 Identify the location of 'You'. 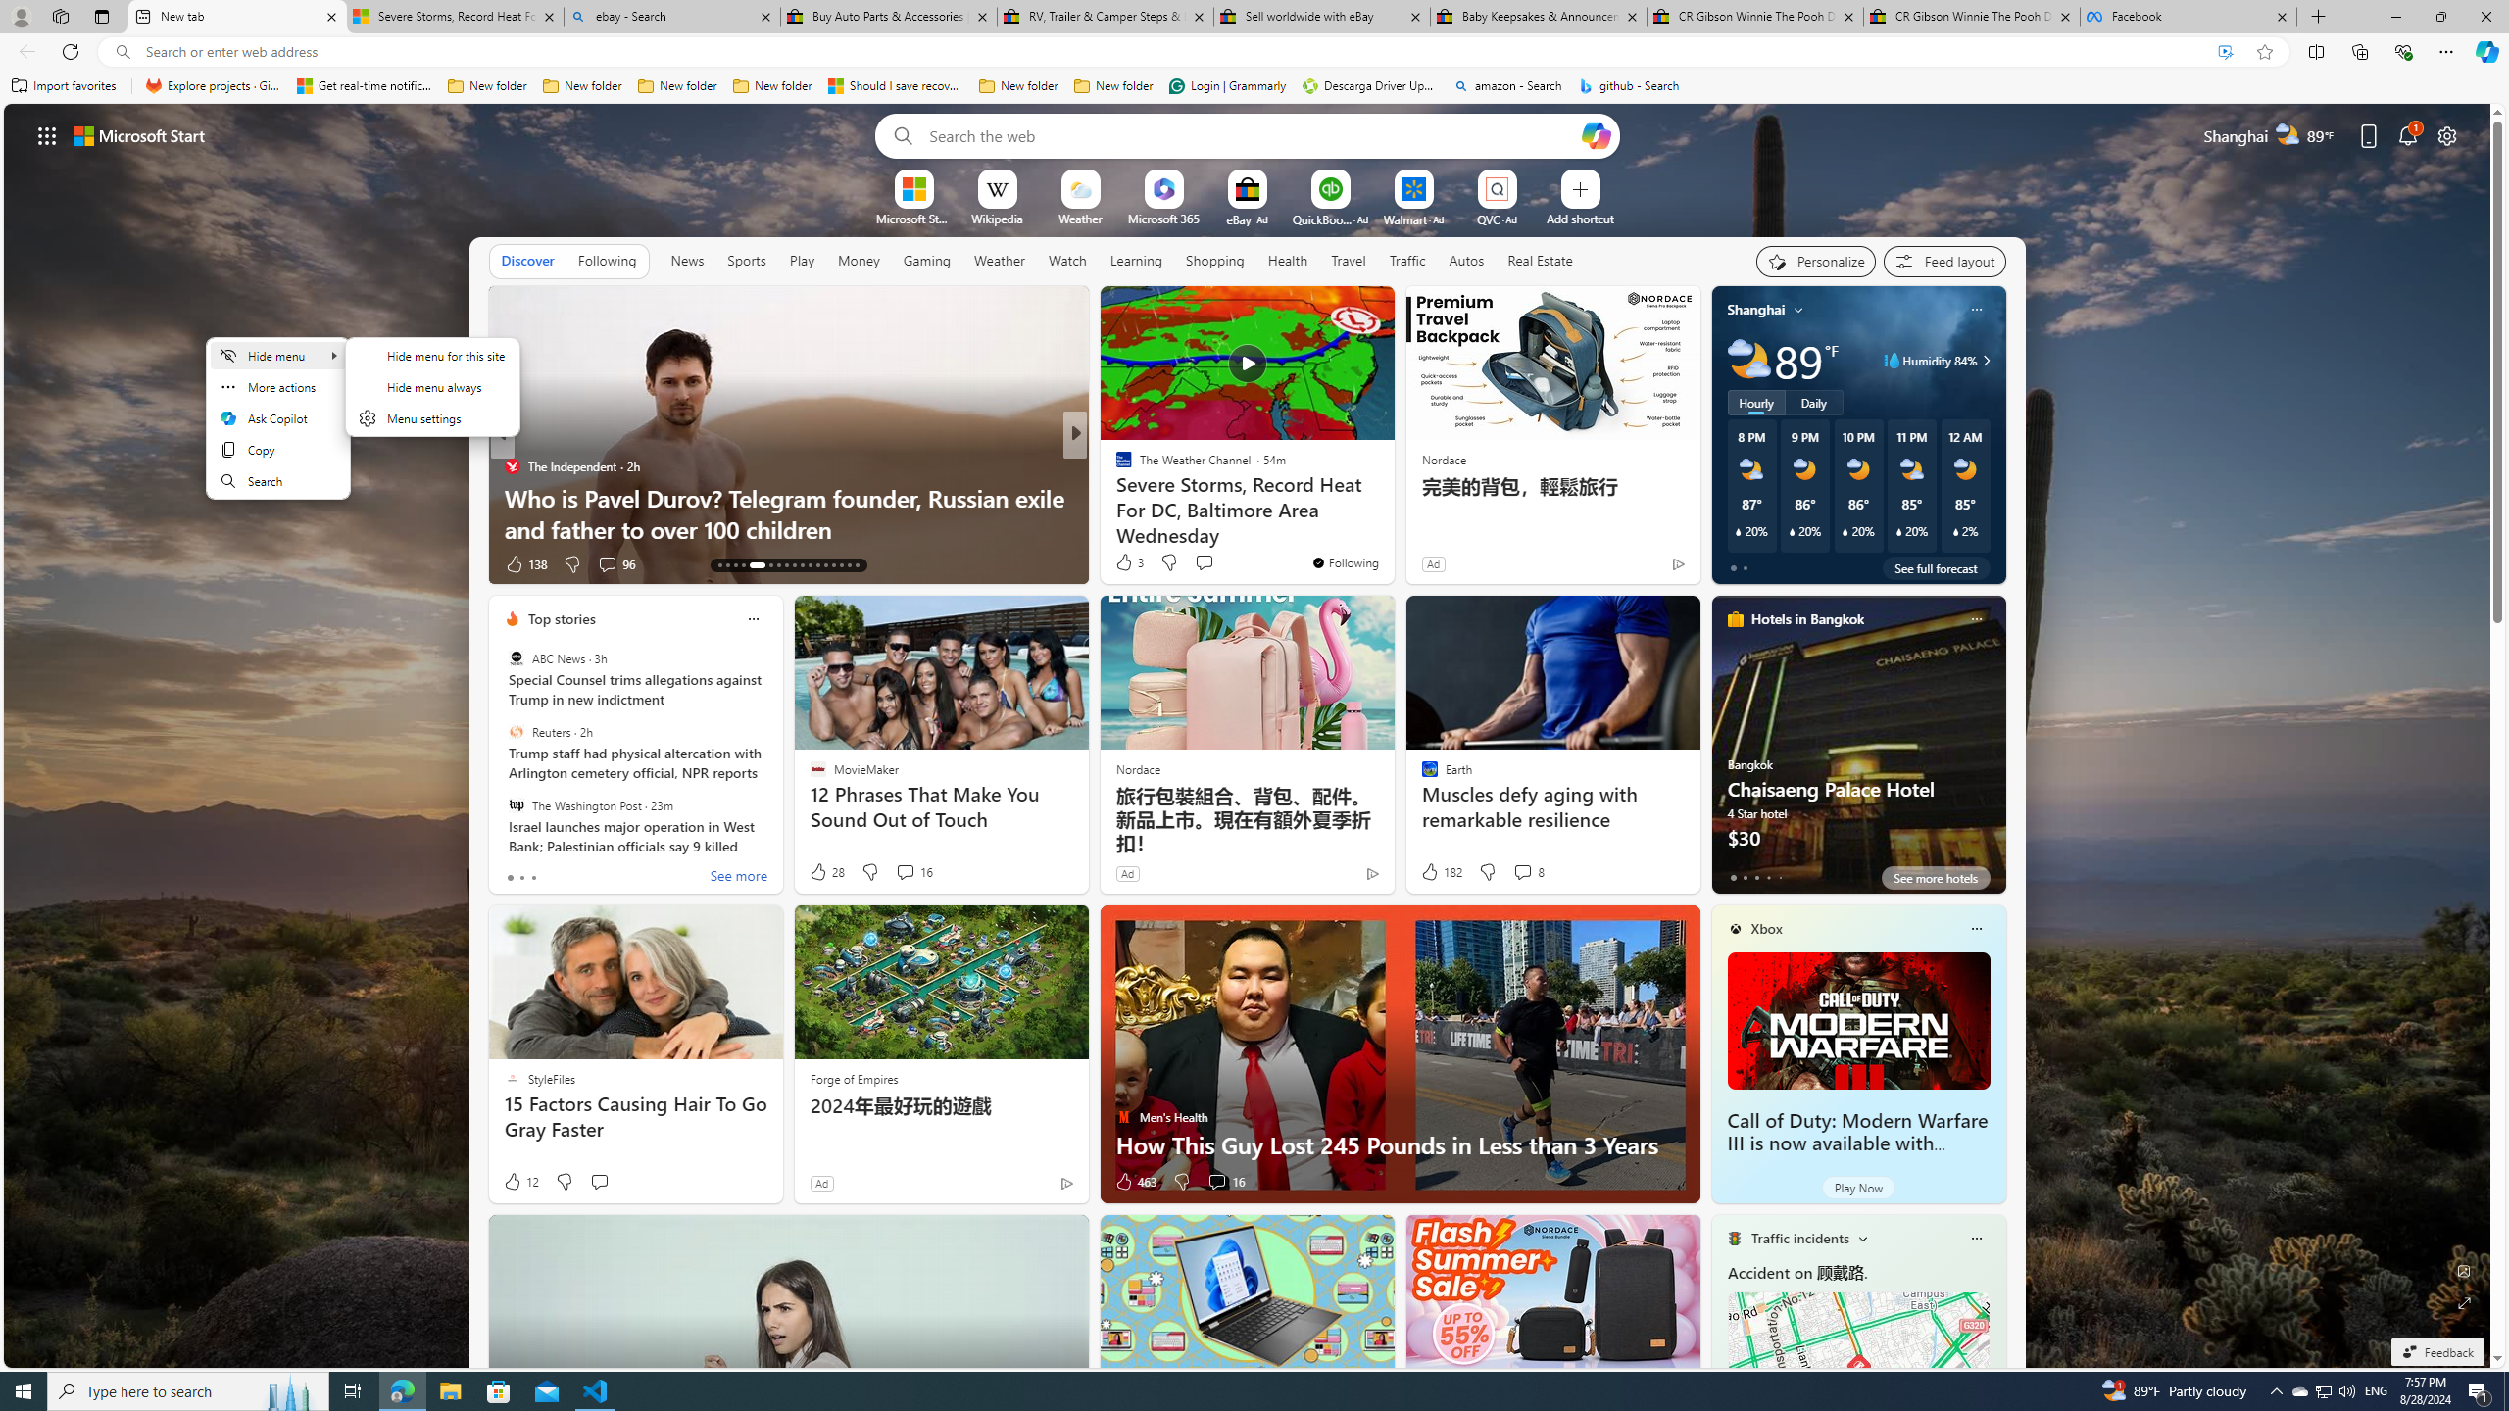
(1344, 562).